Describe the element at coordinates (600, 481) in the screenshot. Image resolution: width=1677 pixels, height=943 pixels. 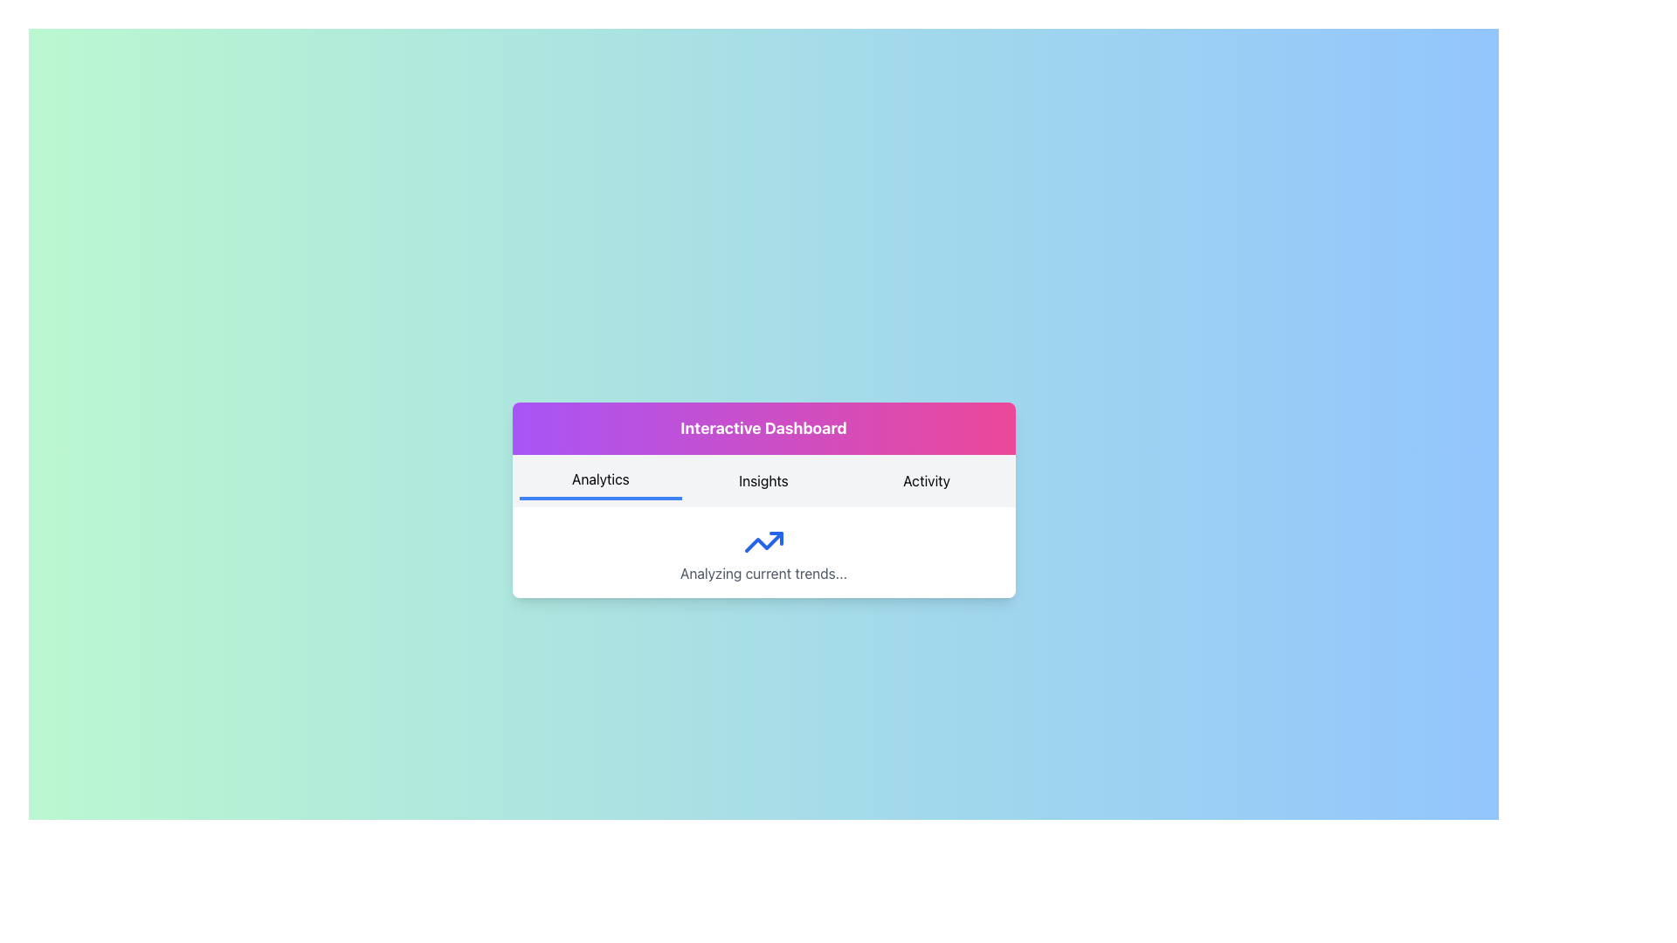
I see `the 'Analytics' tab in the navigation bar` at that location.